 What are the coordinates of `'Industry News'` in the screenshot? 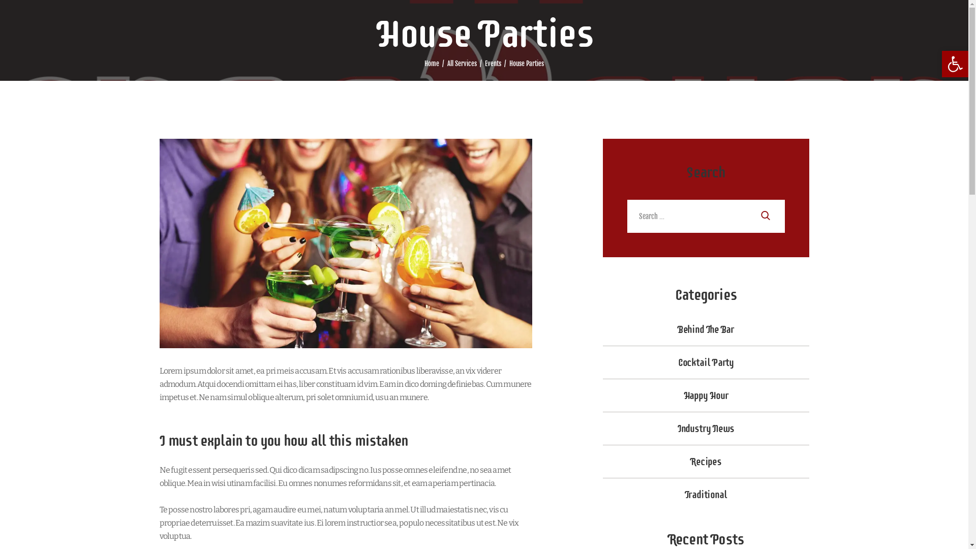 It's located at (705, 429).